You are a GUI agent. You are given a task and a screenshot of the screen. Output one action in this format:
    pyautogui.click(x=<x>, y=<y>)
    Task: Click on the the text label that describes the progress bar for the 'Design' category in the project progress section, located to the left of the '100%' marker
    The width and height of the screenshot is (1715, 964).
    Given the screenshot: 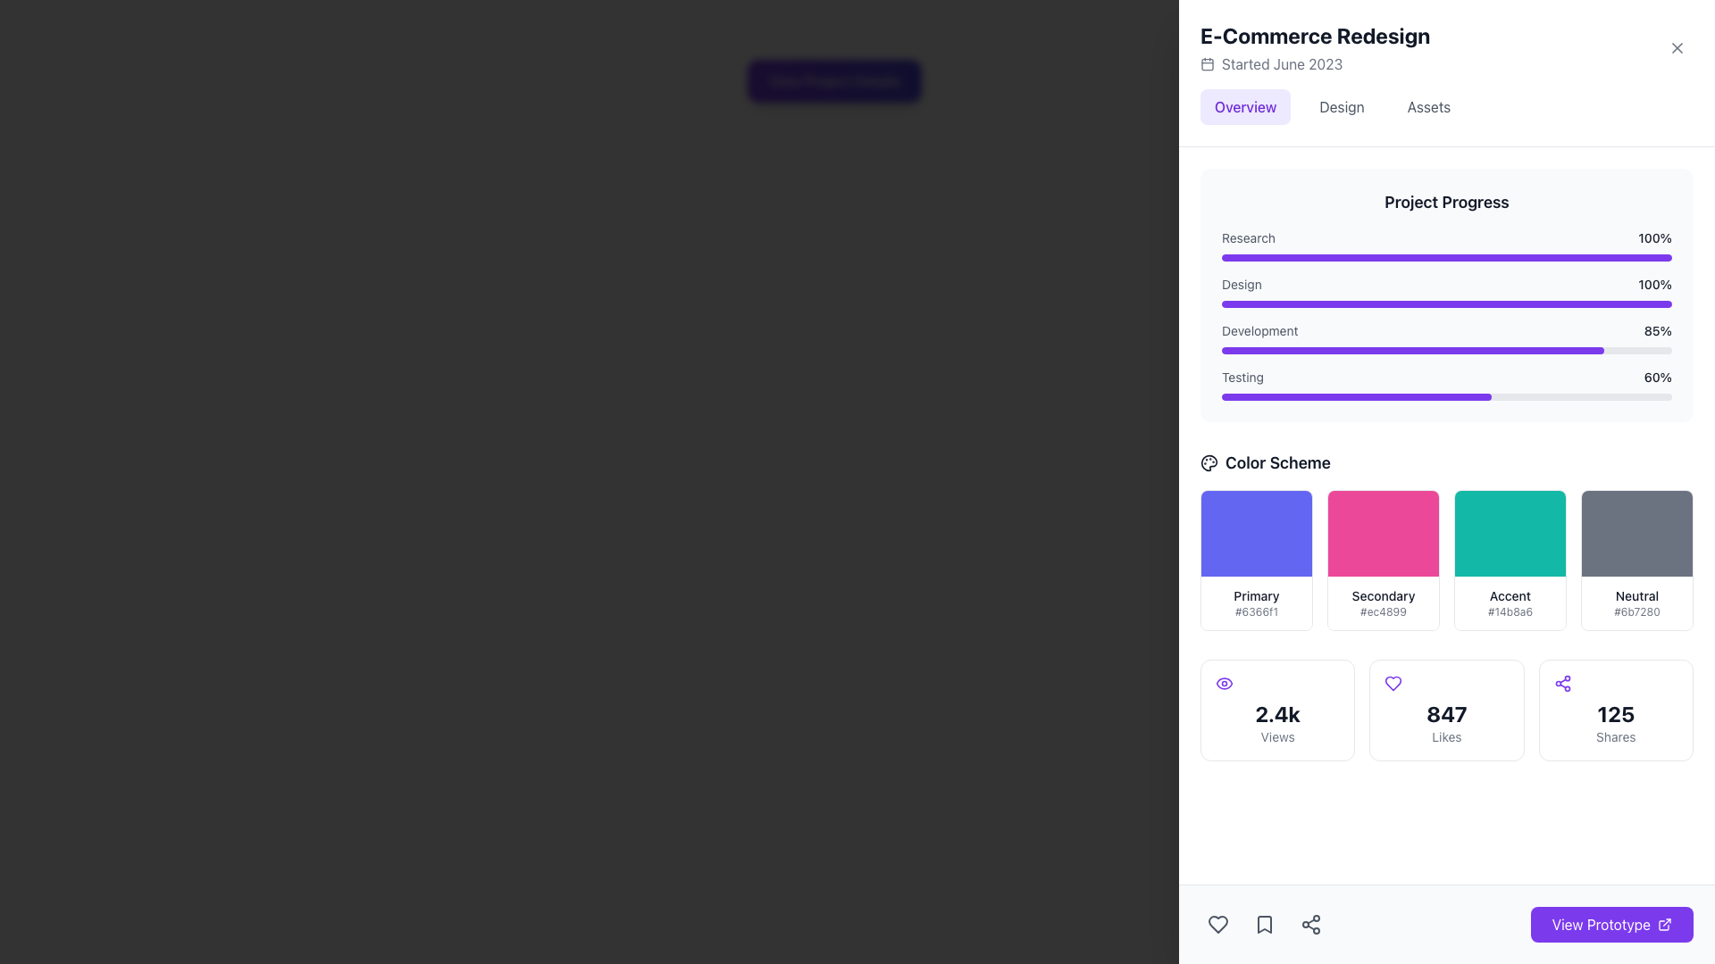 What is the action you would take?
    pyautogui.click(x=1241, y=284)
    